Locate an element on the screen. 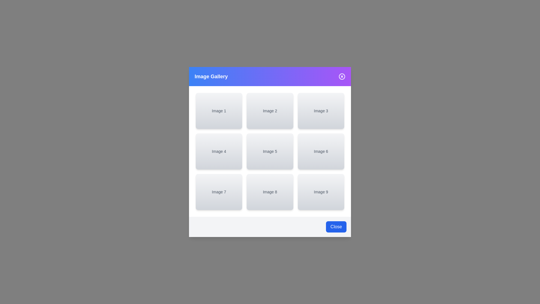 The width and height of the screenshot is (540, 304). the 'X' icon in the header to close the dialog is located at coordinates (341, 77).